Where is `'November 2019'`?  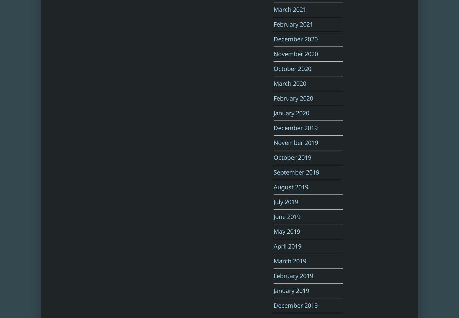
'November 2019' is located at coordinates (295, 142).